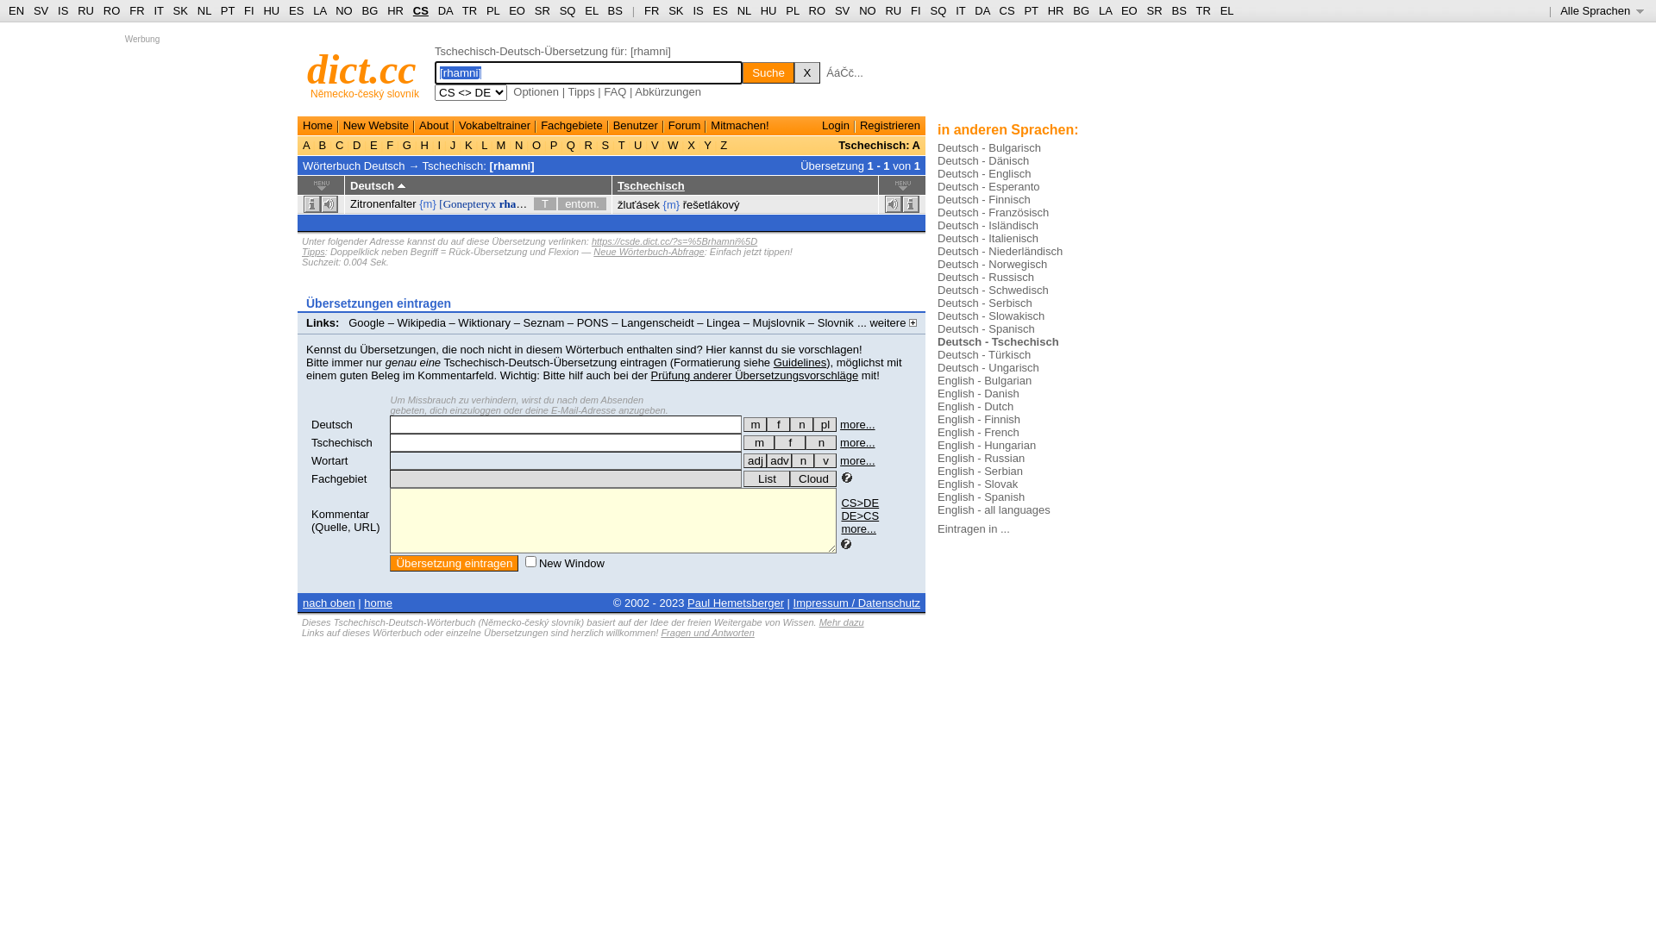 The height and width of the screenshot is (931, 1656). What do you see at coordinates (621, 322) in the screenshot?
I see `'Langenscheidt'` at bounding box center [621, 322].